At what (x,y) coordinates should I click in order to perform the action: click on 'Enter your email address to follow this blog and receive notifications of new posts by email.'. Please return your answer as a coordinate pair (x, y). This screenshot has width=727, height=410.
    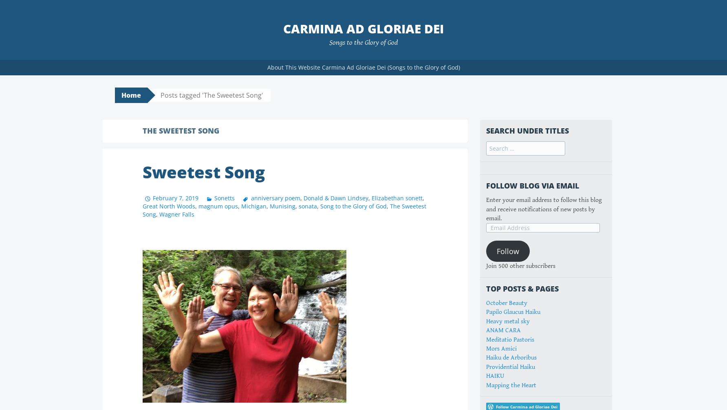
    Looking at the image, I should click on (543, 208).